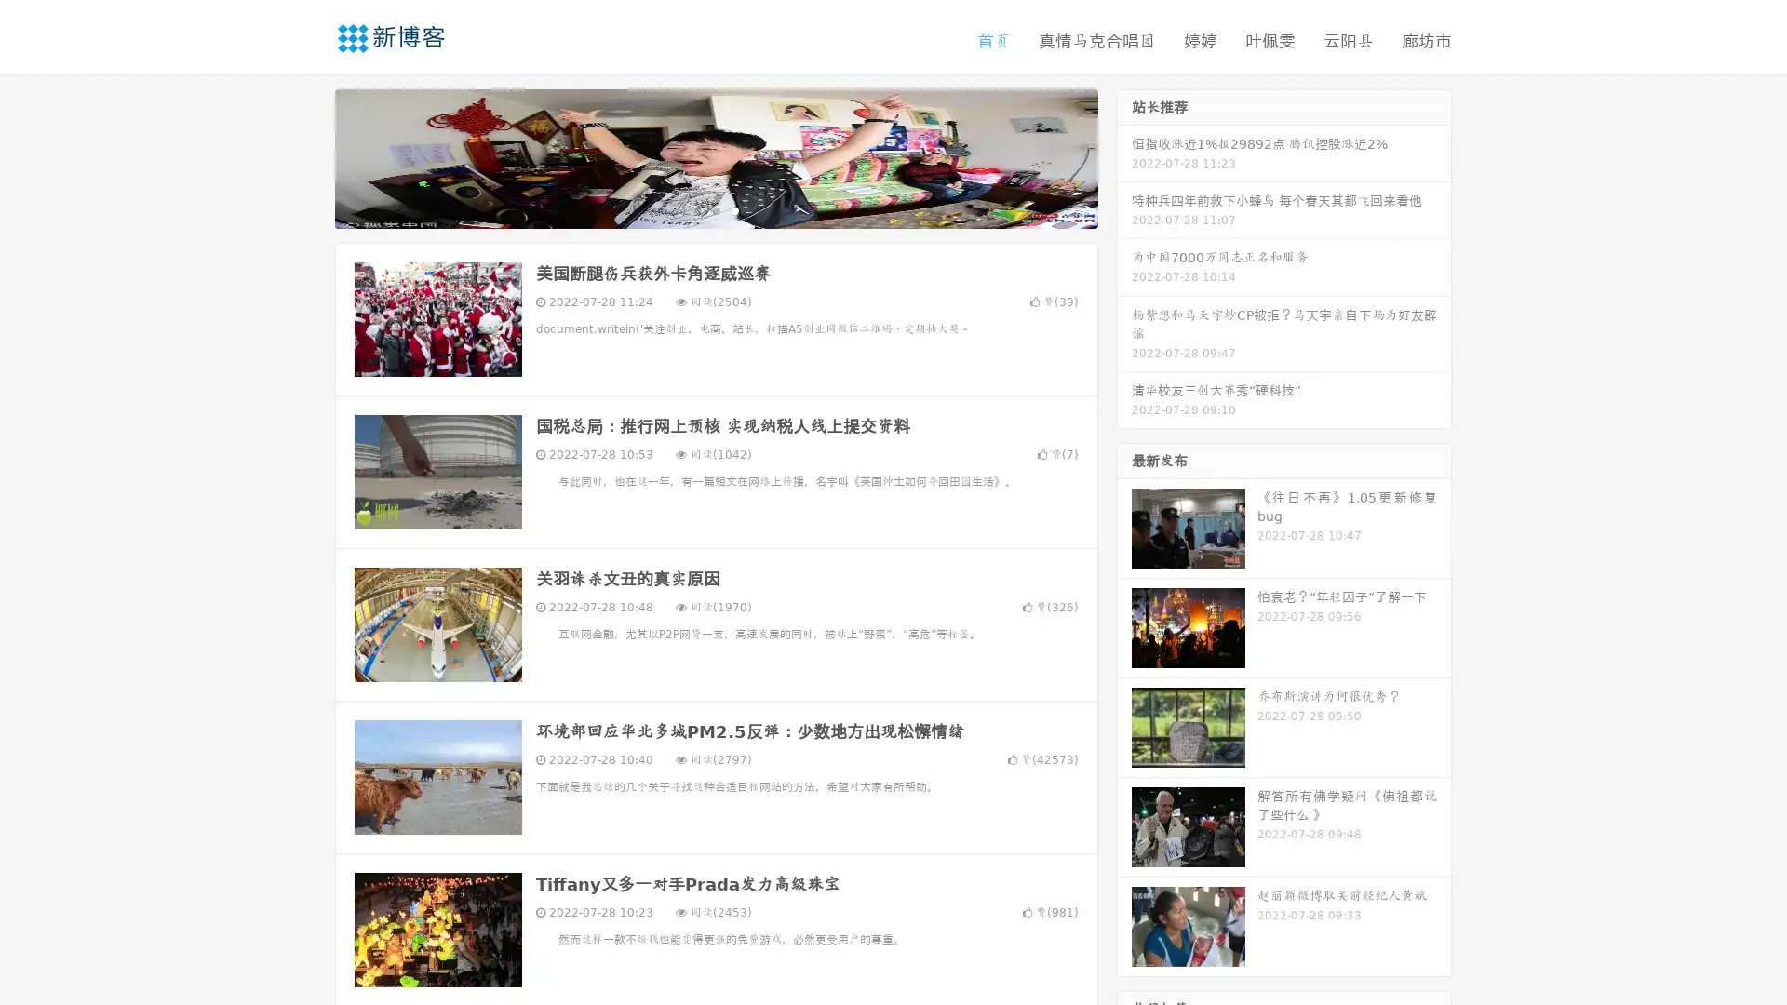 The width and height of the screenshot is (1787, 1005). I want to click on Go to slide 3, so click(734, 209).